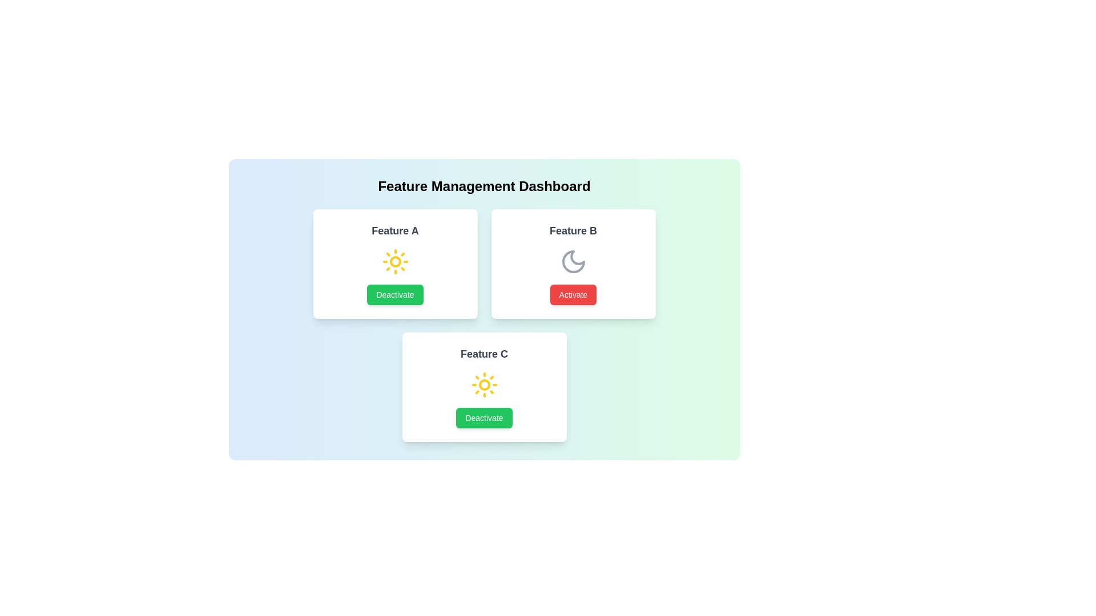  I want to click on the visual indicator (icon) for Feature A to examine its state, so click(395, 262).